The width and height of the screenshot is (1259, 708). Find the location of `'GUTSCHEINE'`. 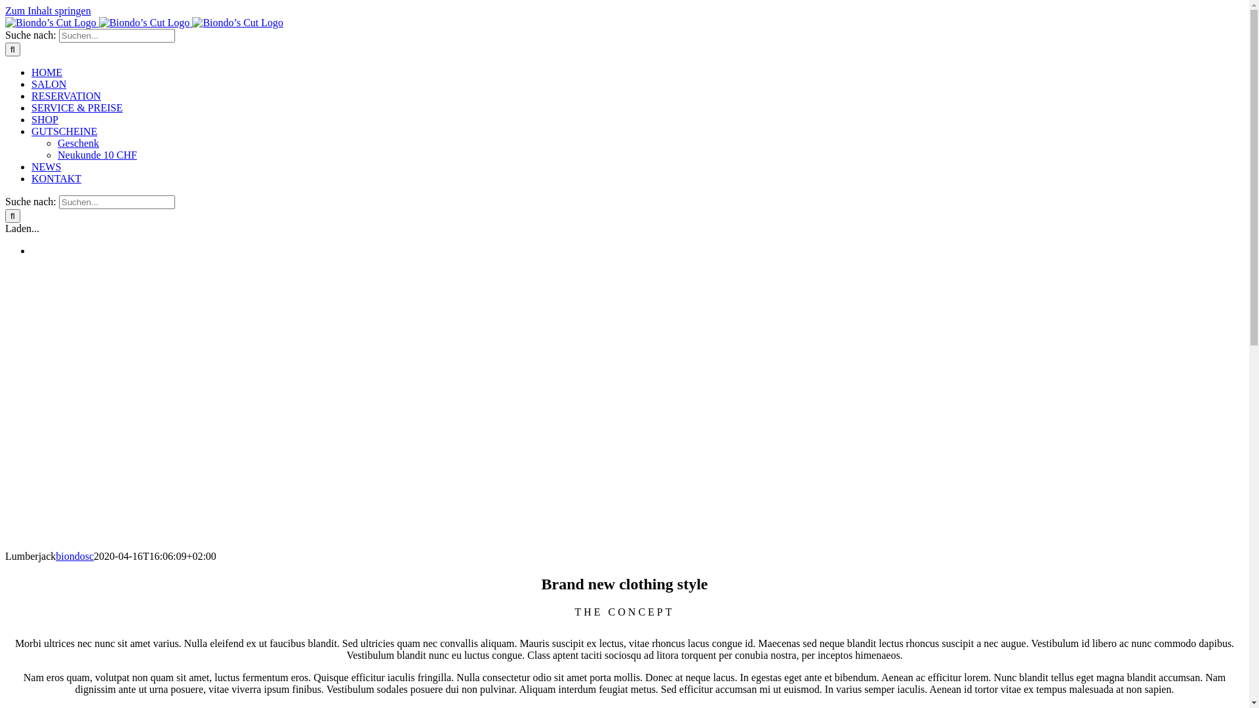

'GUTSCHEINE' is located at coordinates (63, 131).